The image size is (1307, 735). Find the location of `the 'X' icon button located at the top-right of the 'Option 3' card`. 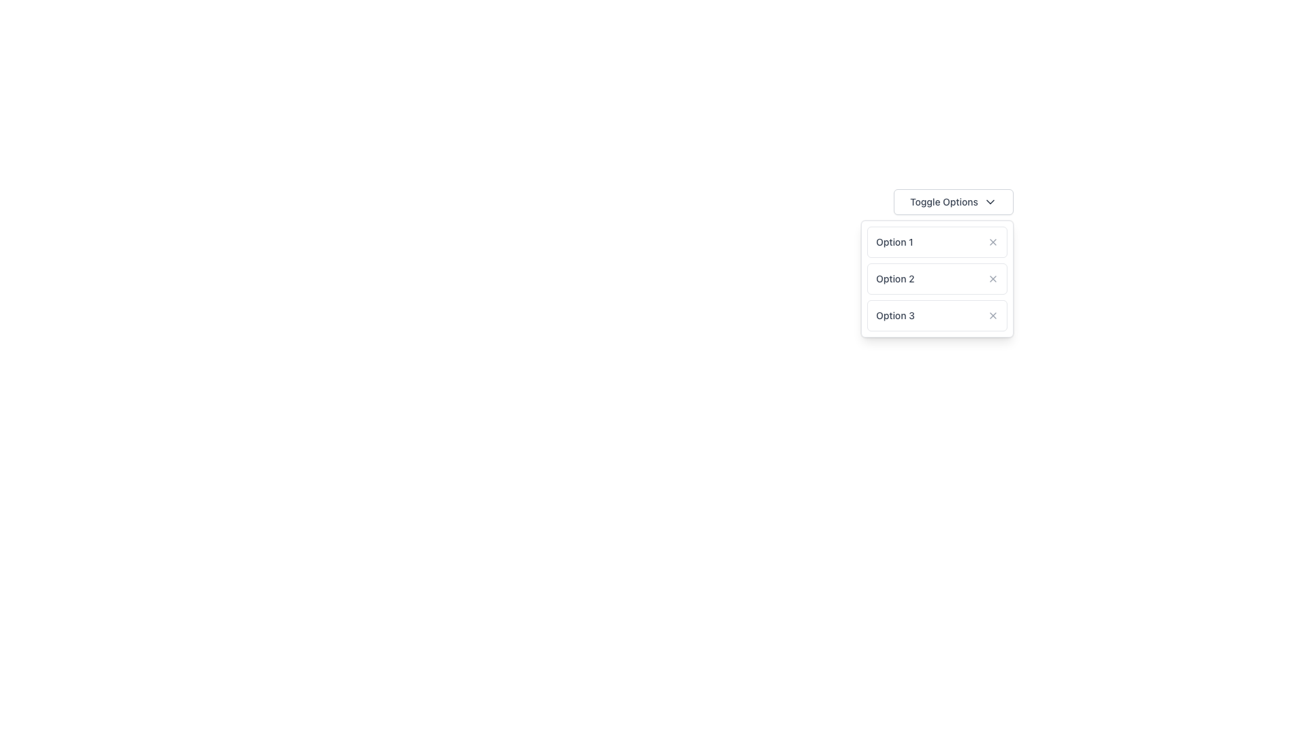

the 'X' icon button located at the top-right of the 'Option 3' card is located at coordinates (993, 315).